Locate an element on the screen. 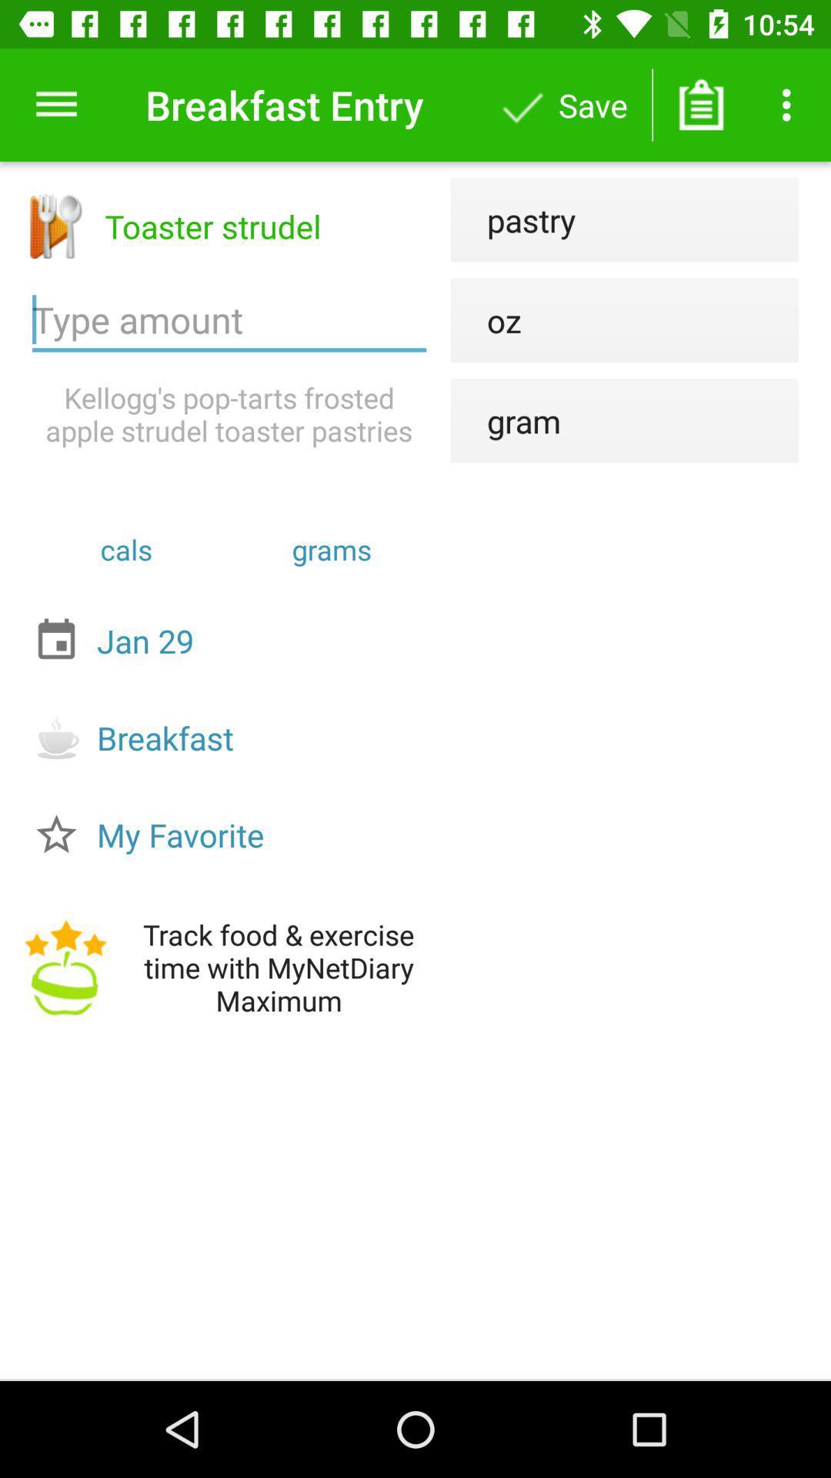  the item to the left of   gram item is located at coordinates (229, 414).